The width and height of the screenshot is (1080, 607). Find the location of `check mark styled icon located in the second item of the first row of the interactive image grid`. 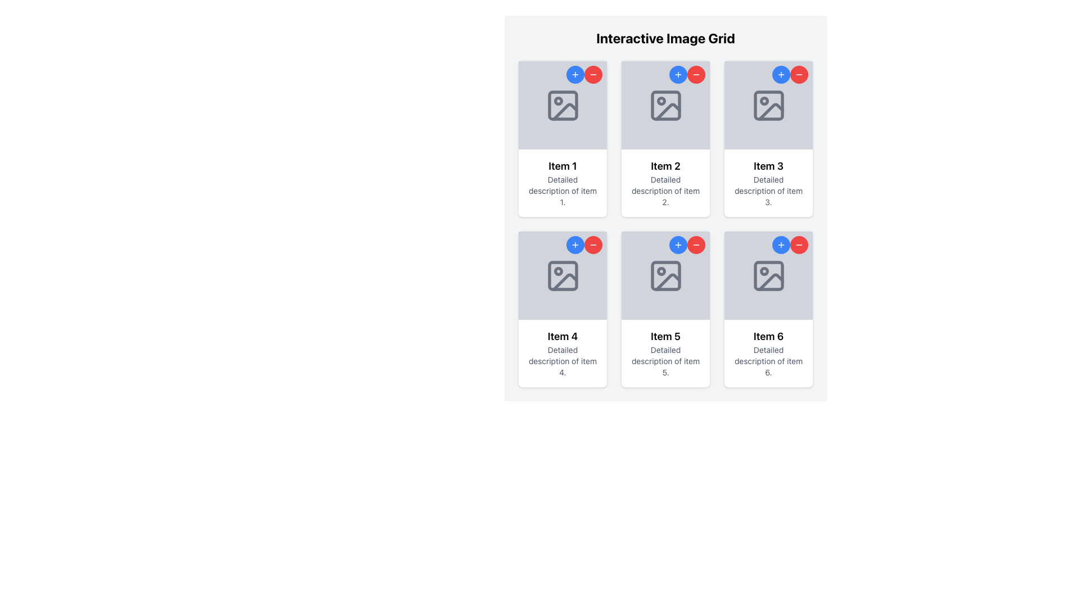

check mark styled icon located in the second item of the first row of the interactive image grid is located at coordinates (668, 111).